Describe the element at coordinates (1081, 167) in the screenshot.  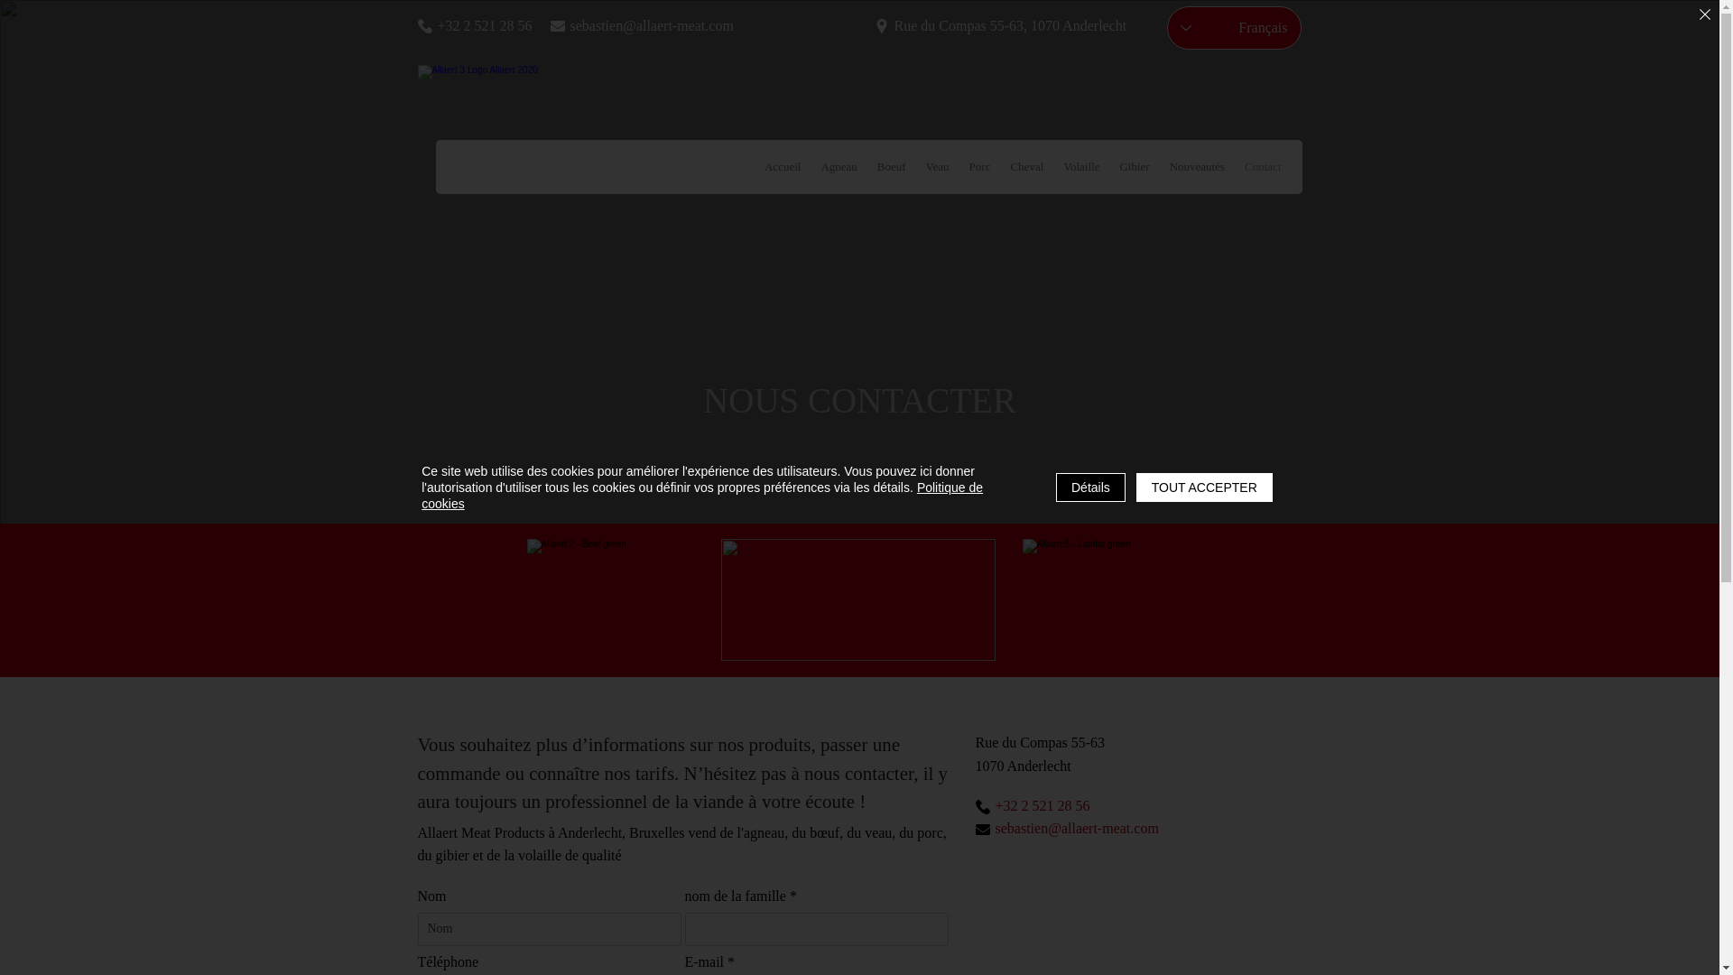
I see `'Volaille'` at that location.